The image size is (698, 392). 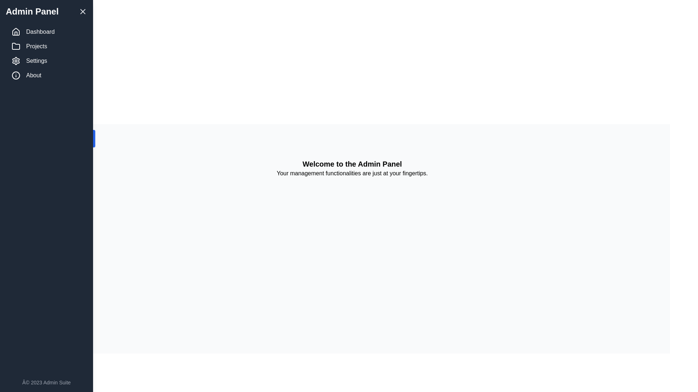 I want to click on the fourth Navigation Button in the vertical menu on the left sidebar to trigger tooltips or hover effects, so click(x=46, y=75).